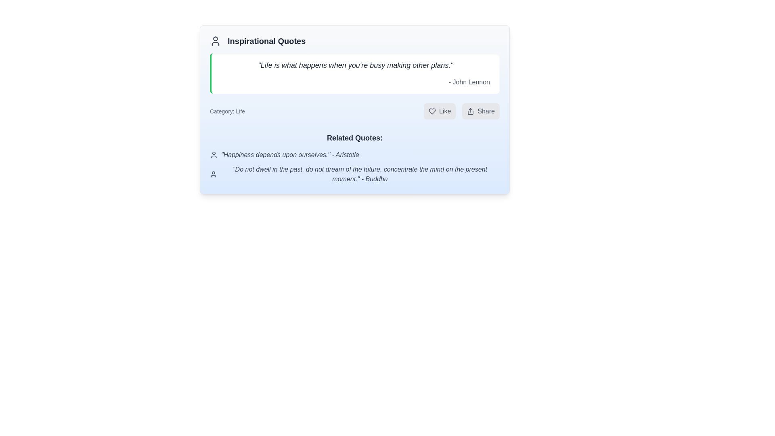  What do you see at coordinates (360, 174) in the screenshot?
I see `the second italicized text label in the 'Related Quotes' section that displays the quote by Buddha: 'Do not dwell in the past, do not dream of the future, concentrate the mind on the present moment.'` at bounding box center [360, 174].